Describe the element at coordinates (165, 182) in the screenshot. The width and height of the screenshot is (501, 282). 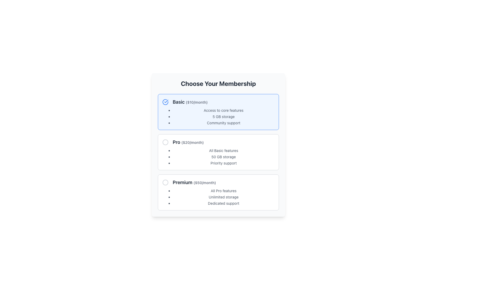
I see `circular icon that indicates the Premium subscription option ('$50/month') for developer tools` at that location.